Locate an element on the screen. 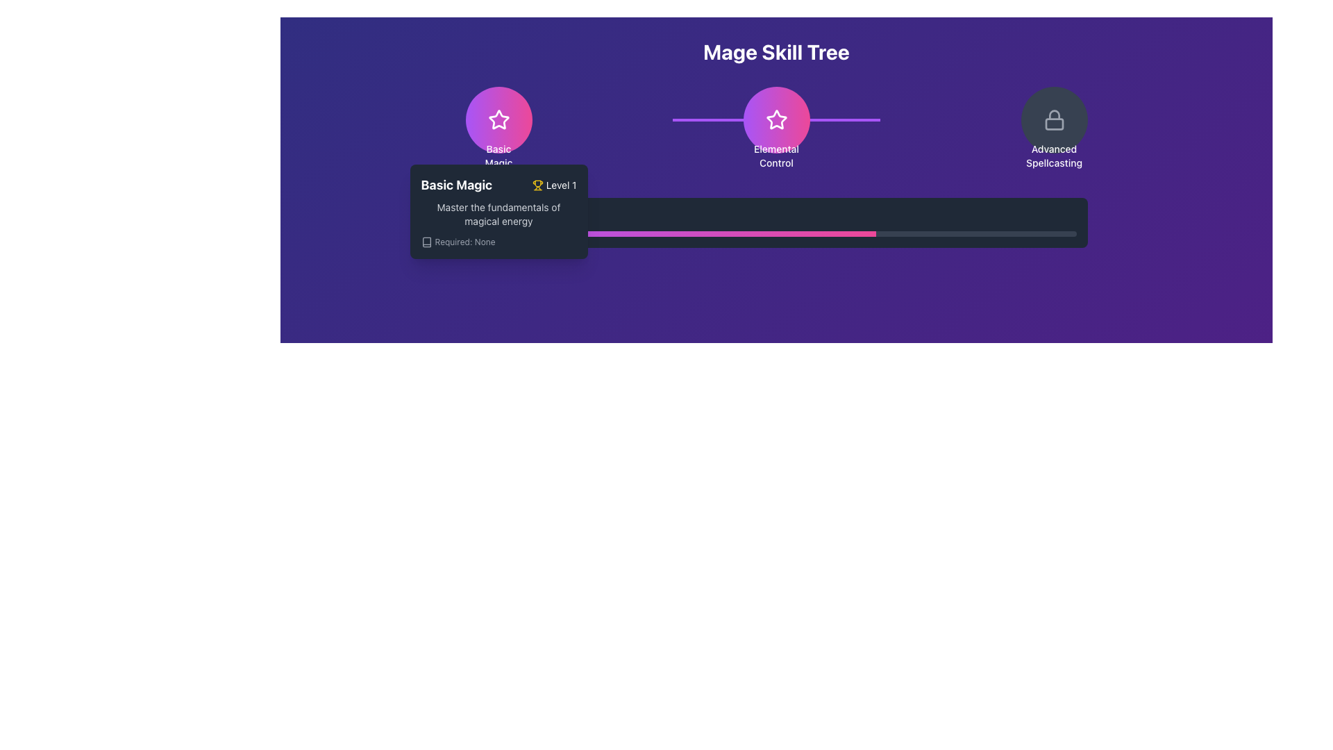  white outlined star icon within the circular gradient background of the 'Basic Magic' module located in the top-left section of the view is located at coordinates (498, 119).